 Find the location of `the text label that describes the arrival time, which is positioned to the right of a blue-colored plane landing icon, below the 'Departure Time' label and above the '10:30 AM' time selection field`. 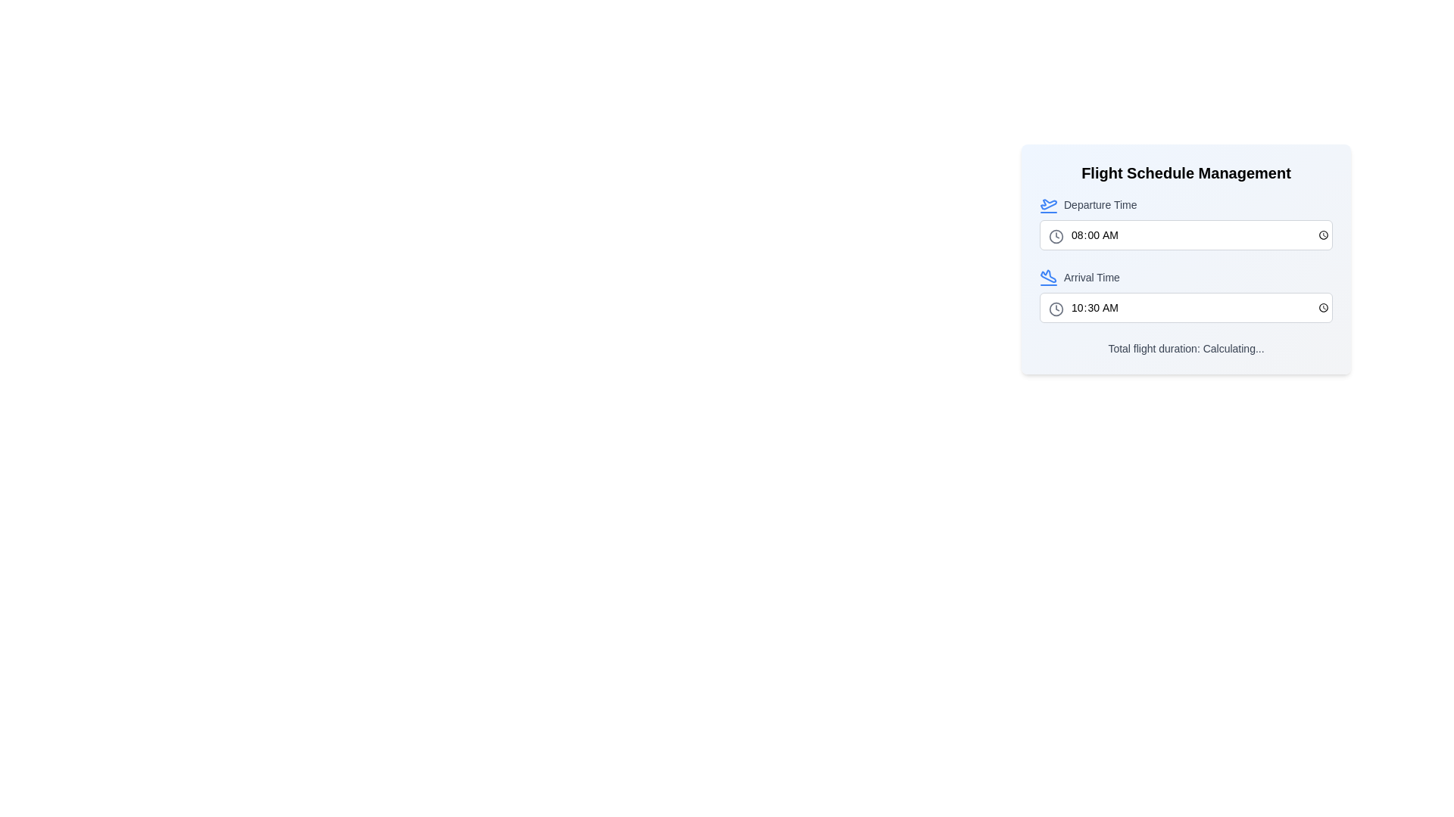

the text label that describes the arrival time, which is positioned to the right of a blue-colored plane landing icon, below the 'Departure Time' label and above the '10:30 AM' time selection field is located at coordinates (1091, 277).